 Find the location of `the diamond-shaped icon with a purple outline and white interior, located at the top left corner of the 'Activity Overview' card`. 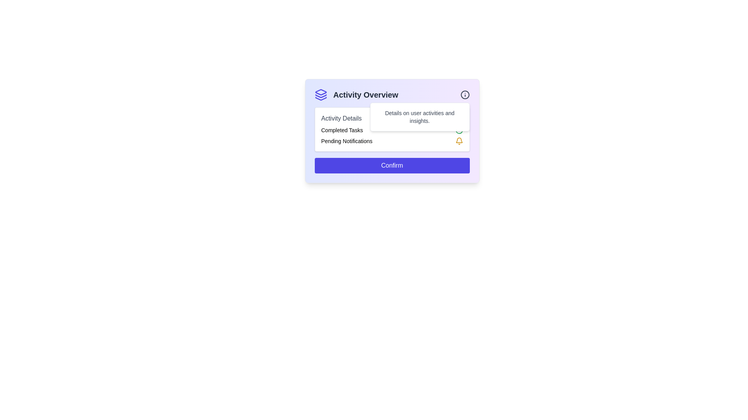

the diamond-shaped icon with a purple outline and white interior, located at the top left corner of the 'Activity Overview' card is located at coordinates (321, 92).